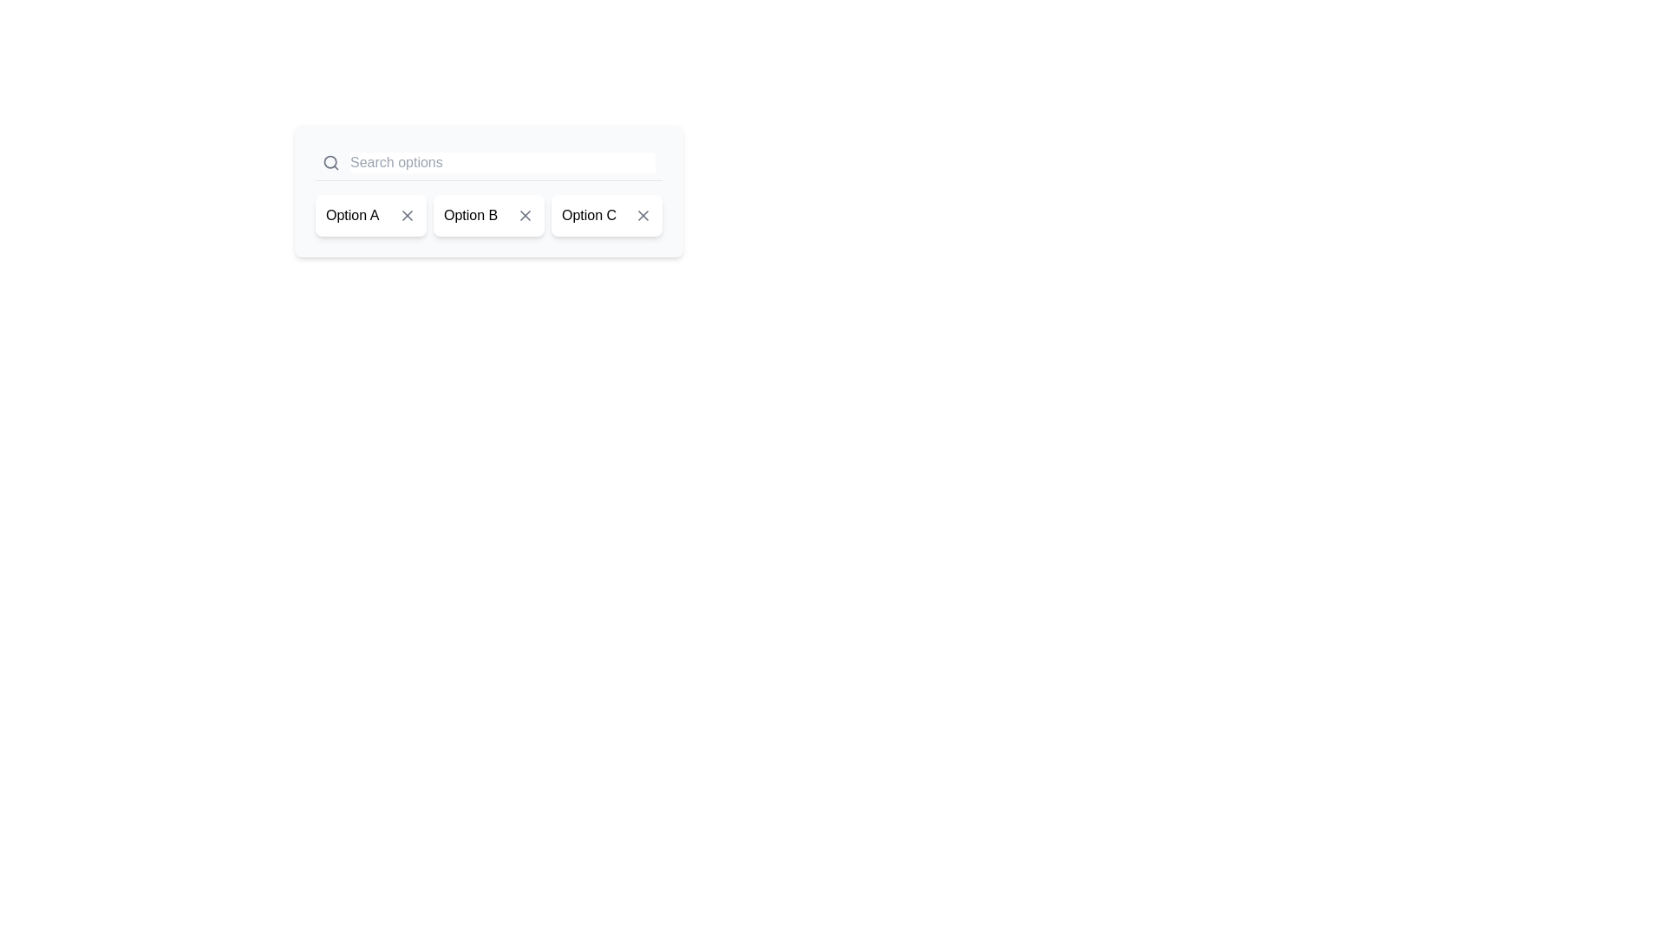 This screenshot has width=1665, height=936. Describe the element at coordinates (607, 215) in the screenshot. I see `the chip labeled Option C` at that location.